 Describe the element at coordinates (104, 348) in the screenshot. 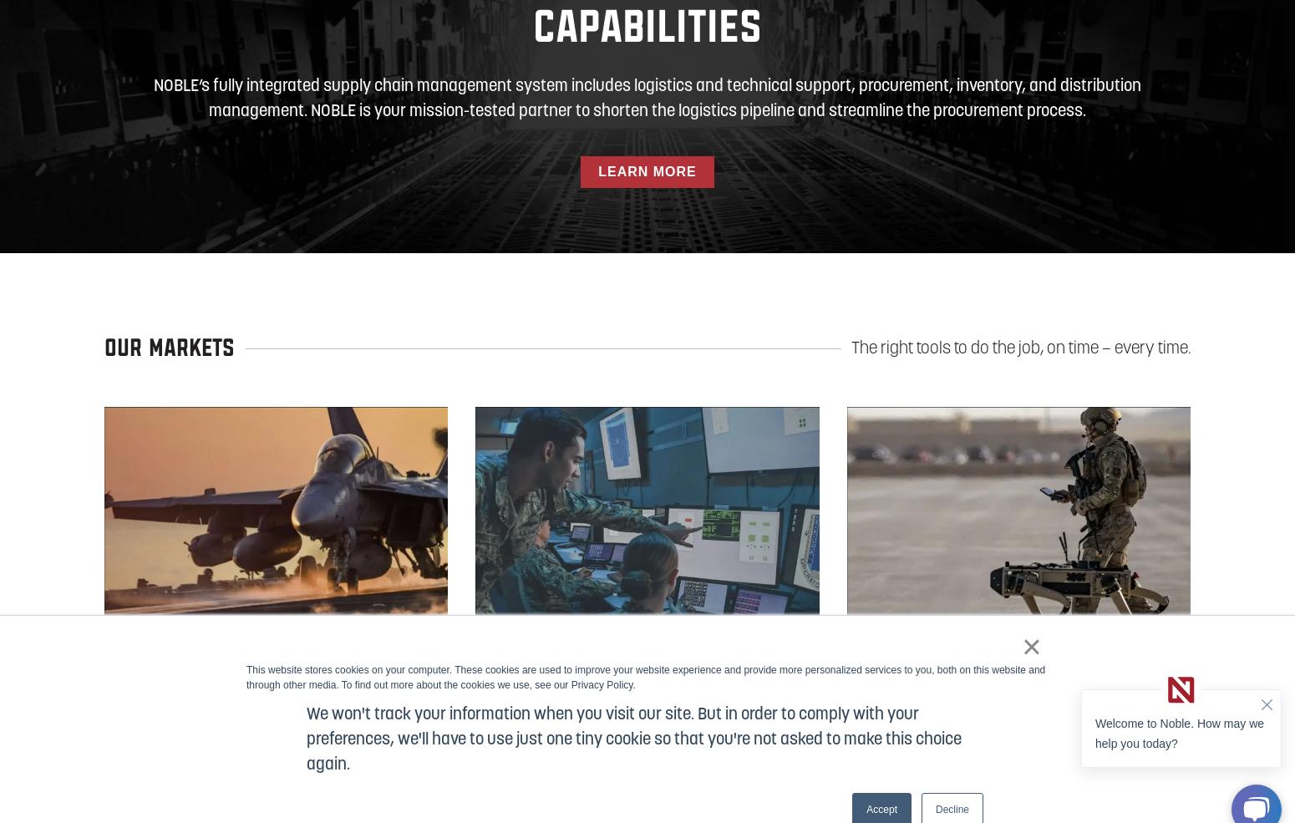

I see `'Our Markets'` at that location.